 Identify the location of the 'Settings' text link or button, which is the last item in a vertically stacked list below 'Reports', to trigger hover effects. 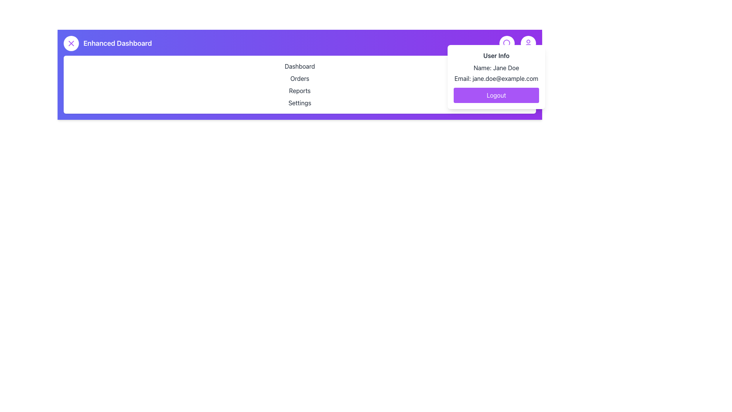
(299, 103).